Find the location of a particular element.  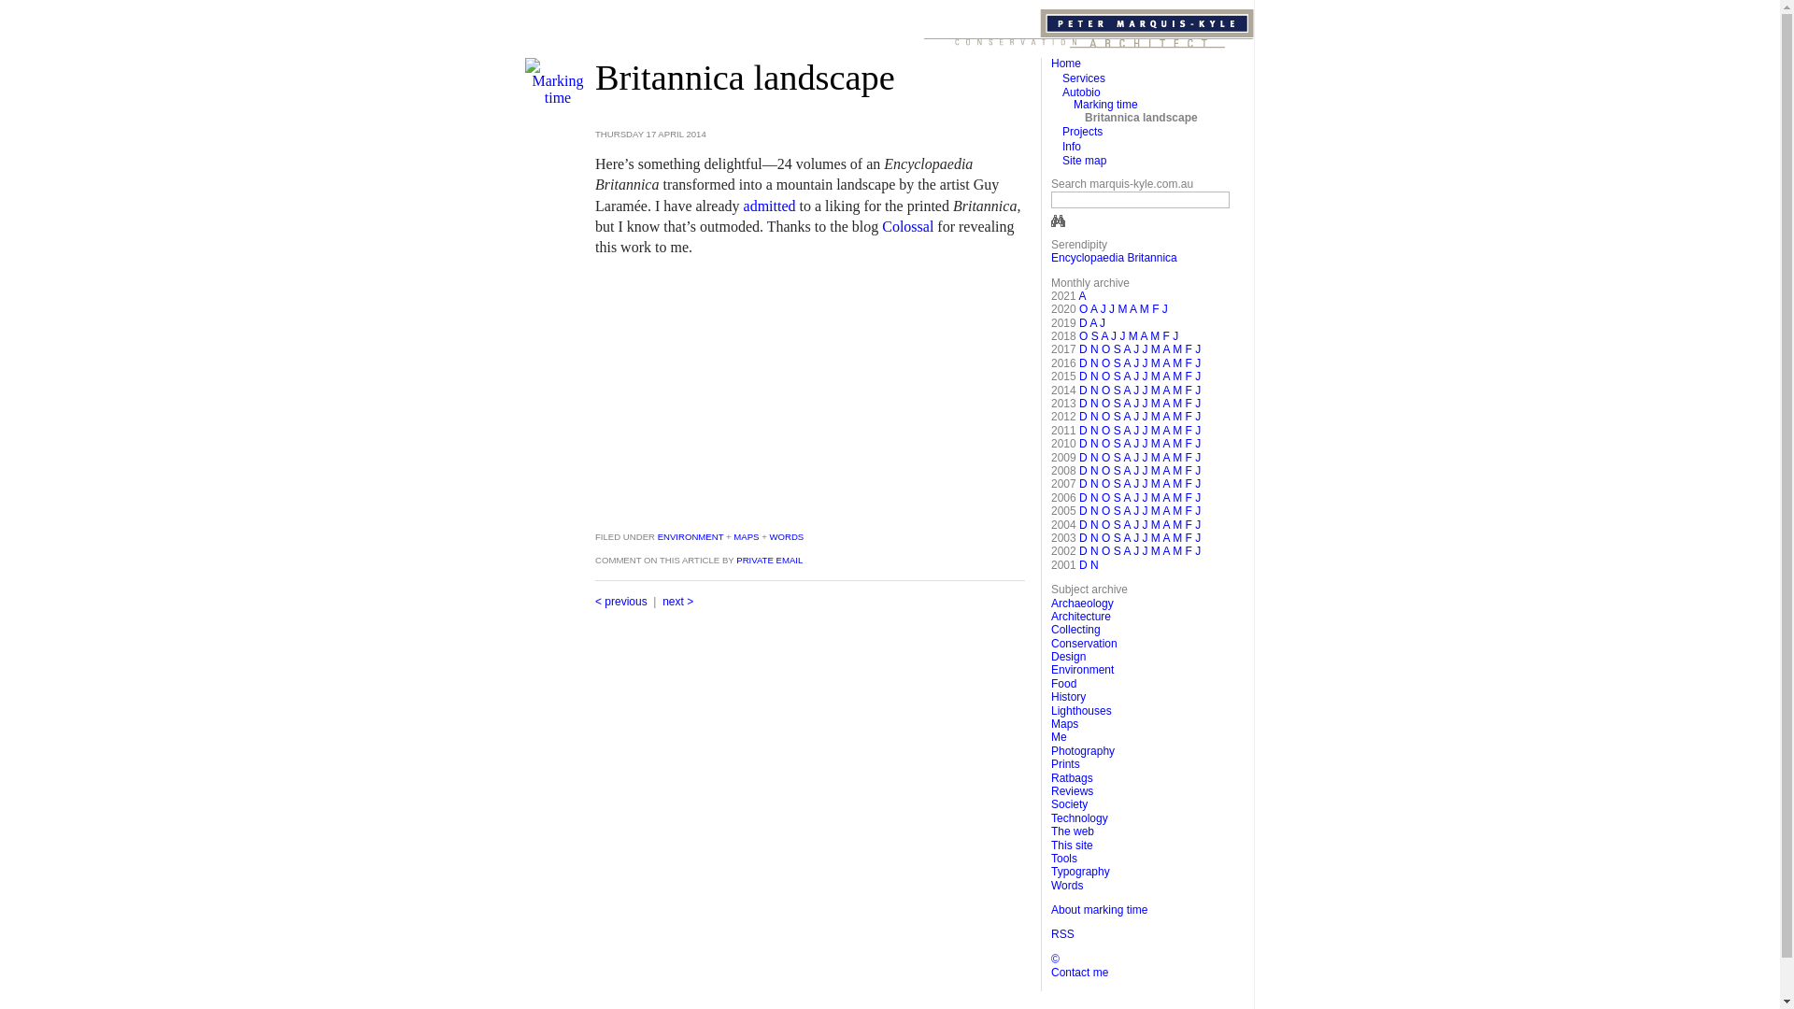

'The web' is located at coordinates (1050, 831).